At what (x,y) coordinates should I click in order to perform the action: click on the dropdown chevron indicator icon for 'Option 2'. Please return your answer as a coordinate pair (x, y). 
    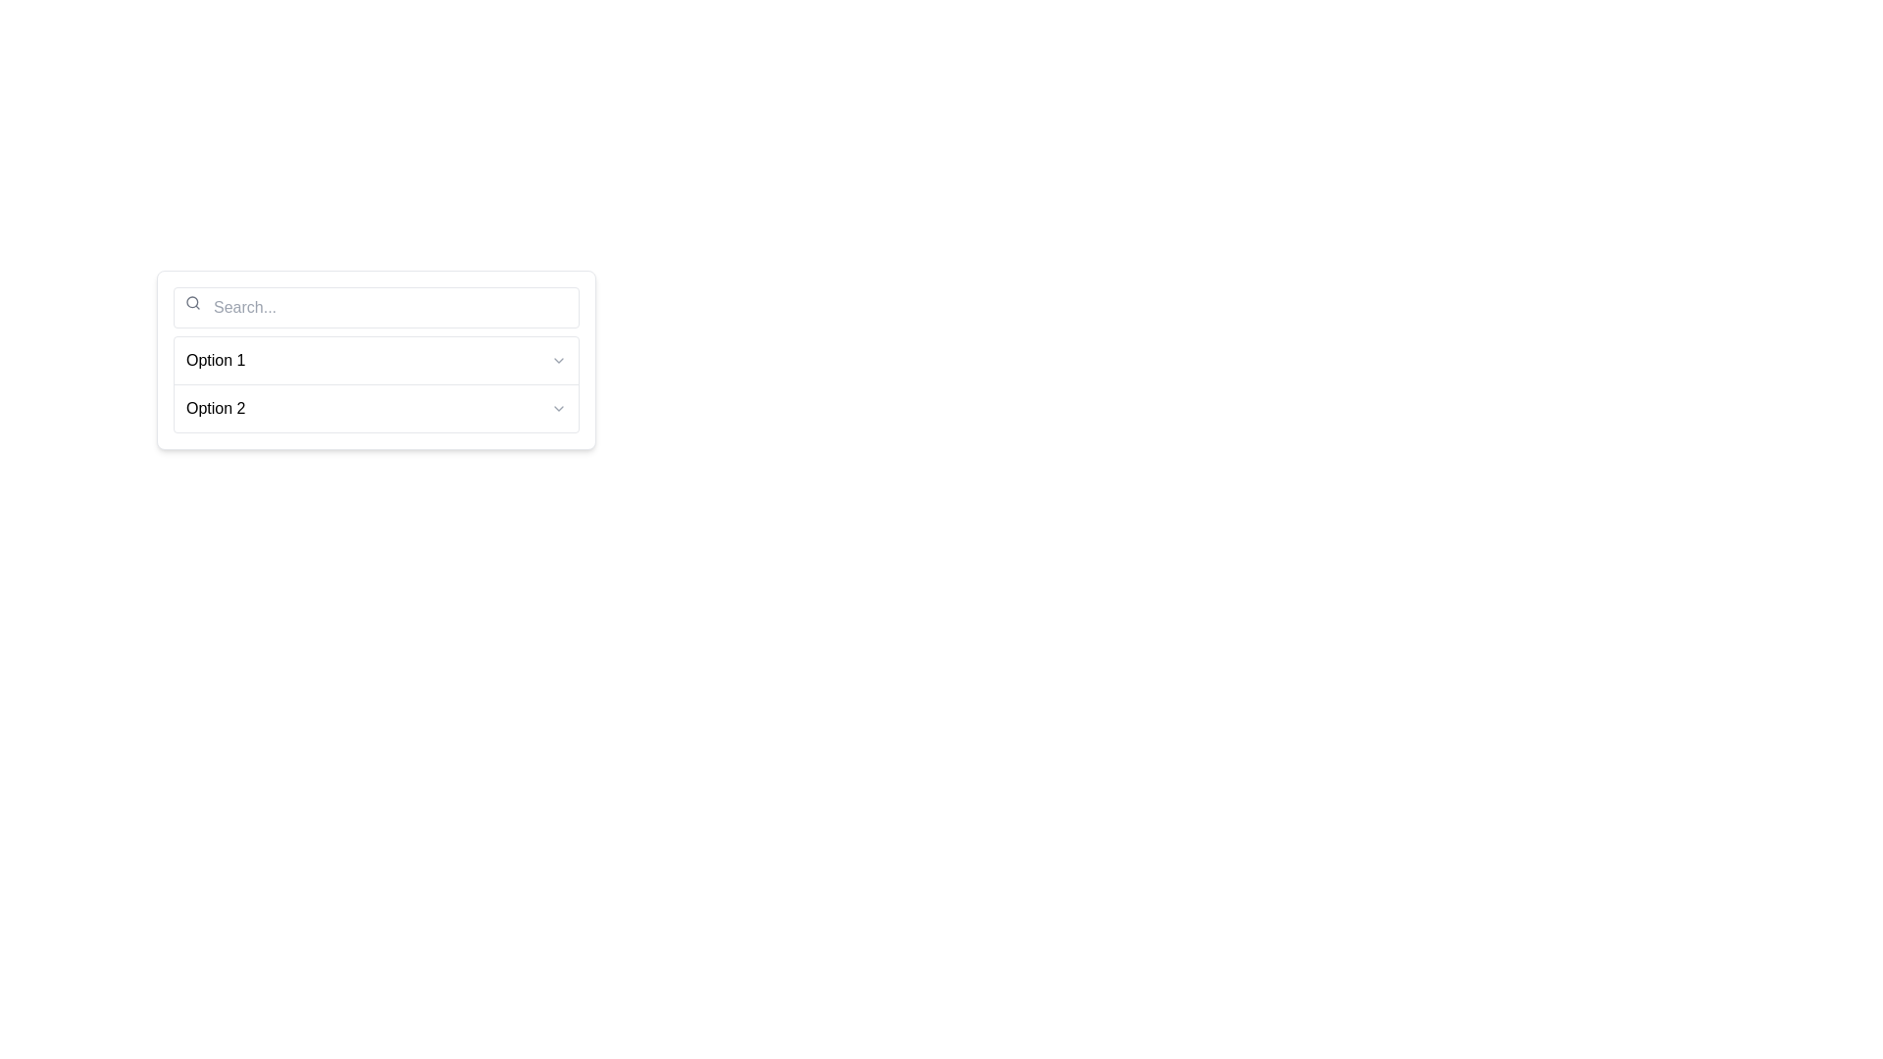
    Looking at the image, I should click on (558, 407).